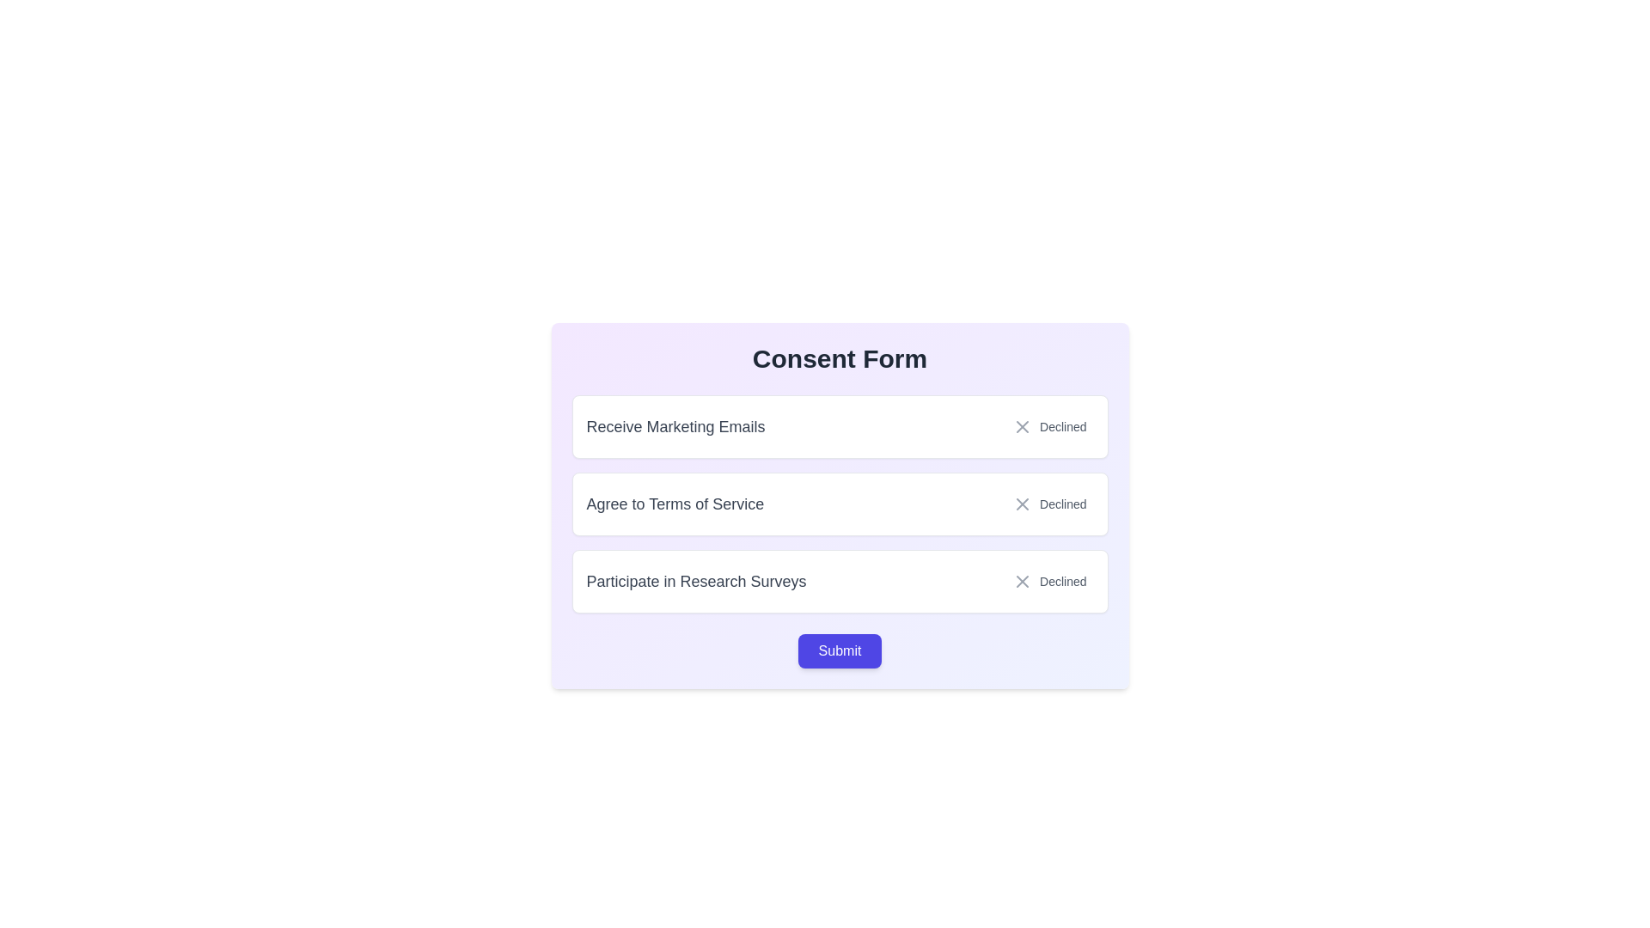  I want to click on the 'X' mark icon indicating the declined option within the 'Declined' button in the 'Consent Form' for the 'Participate in Research Surveys' row, so click(1023, 581).